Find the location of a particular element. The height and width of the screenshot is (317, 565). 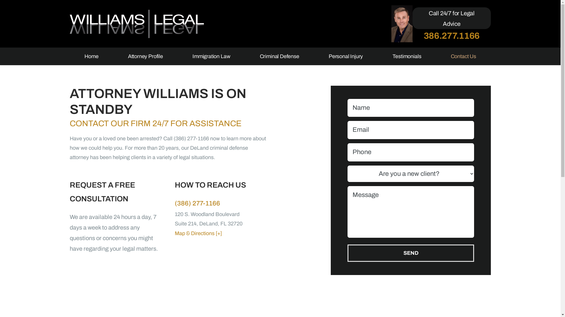

'Immigration Law' is located at coordinates (211, 56).